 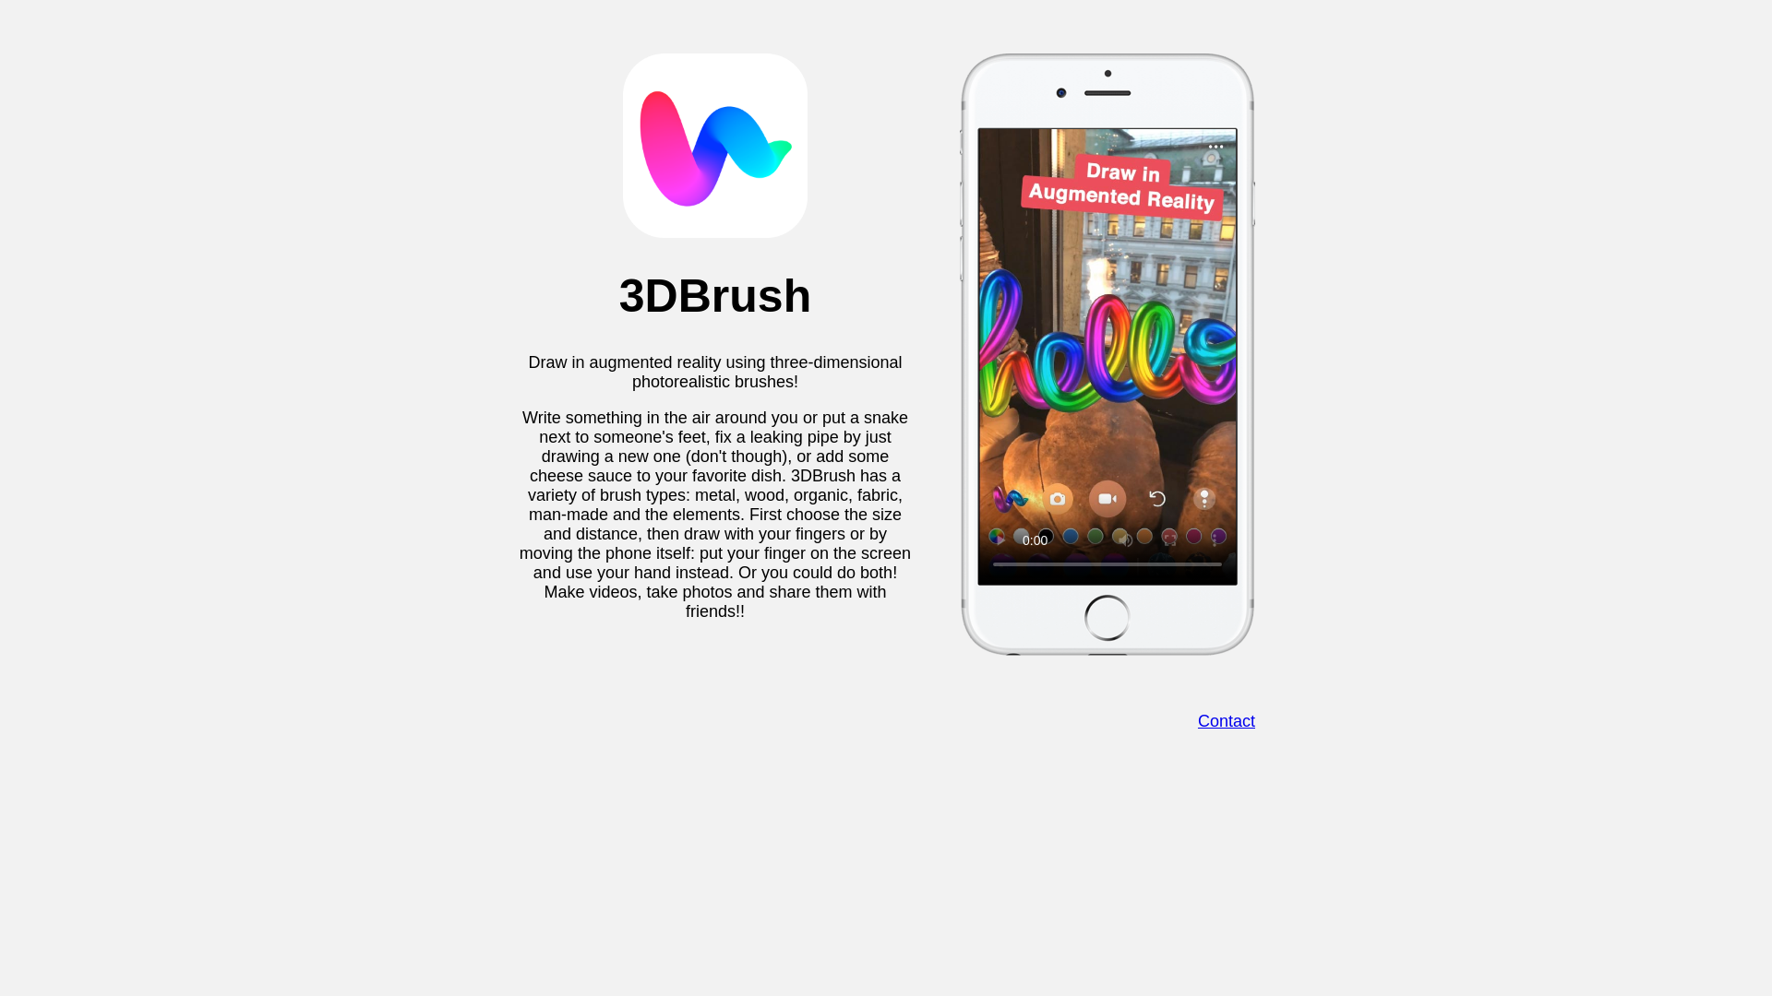 What do you see at coordinates (1227, 720) in the screenshot?
I see `'Contact'` at bounding box center [1227, 720].